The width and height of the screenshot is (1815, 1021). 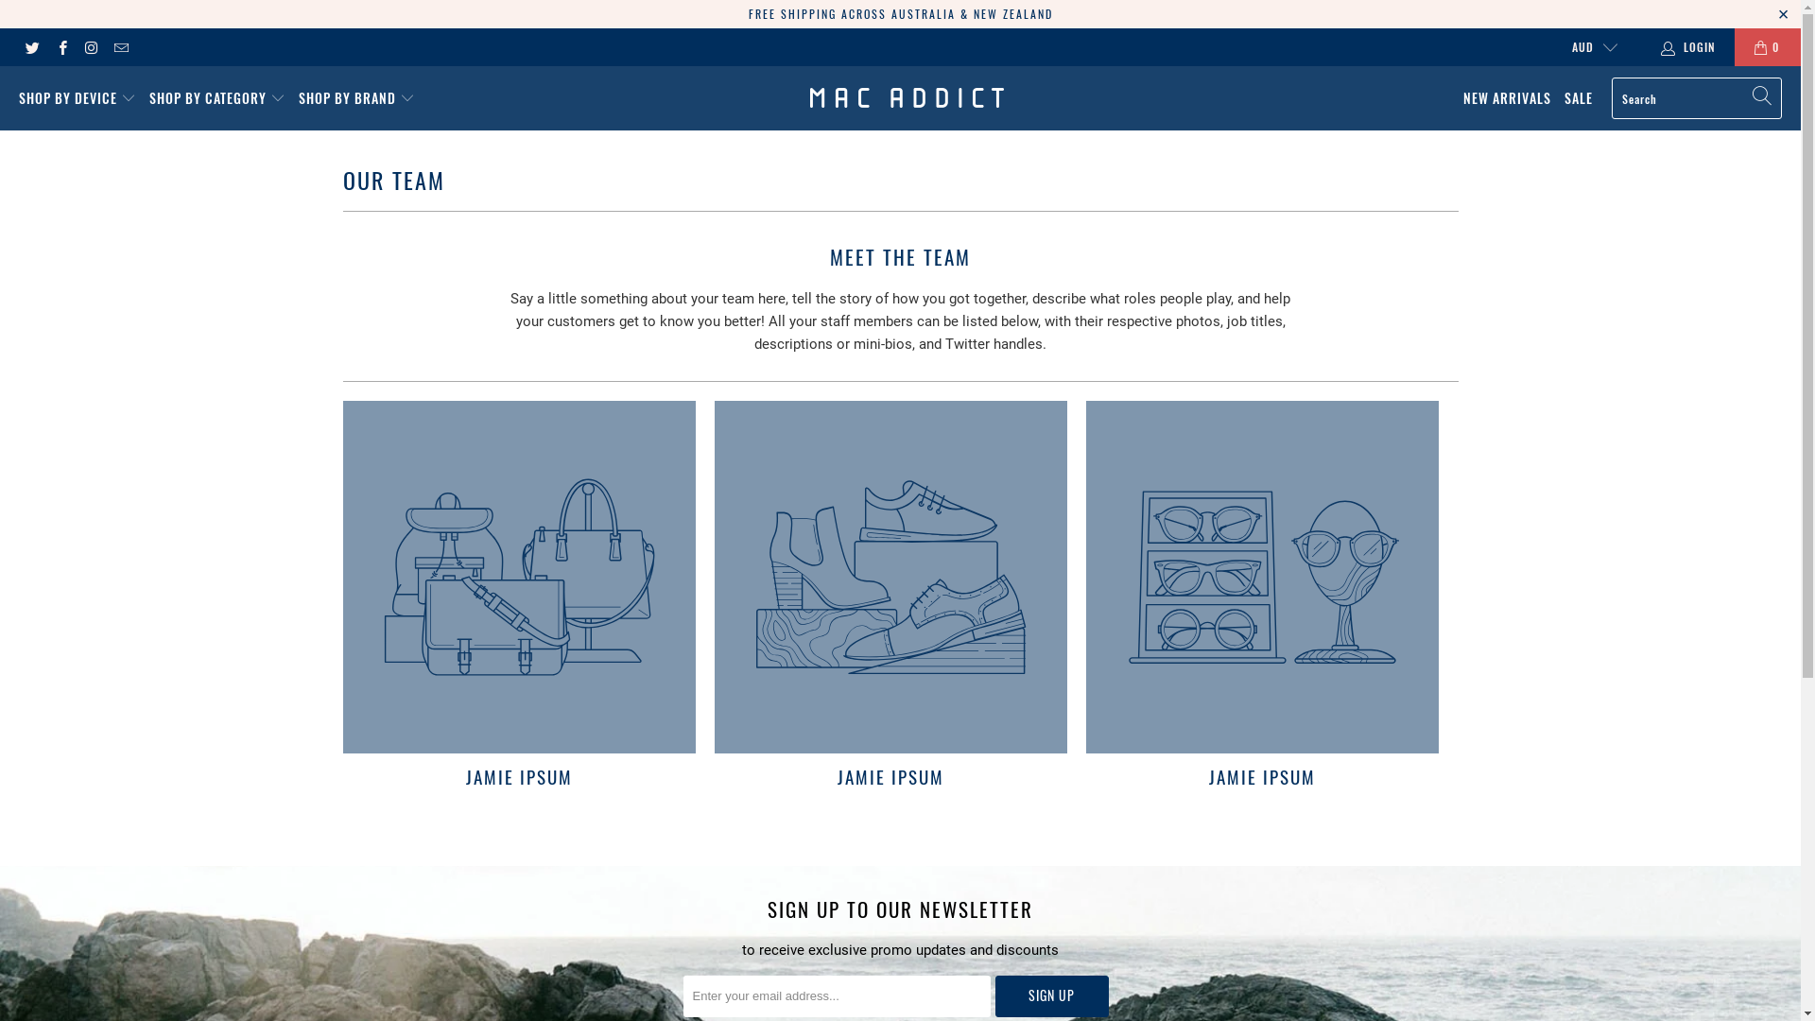 What do you see at coordinates (53, 46) in the screenshot?
I see `'Mac Addict on Facebook'` at bounding box center [53, 46].